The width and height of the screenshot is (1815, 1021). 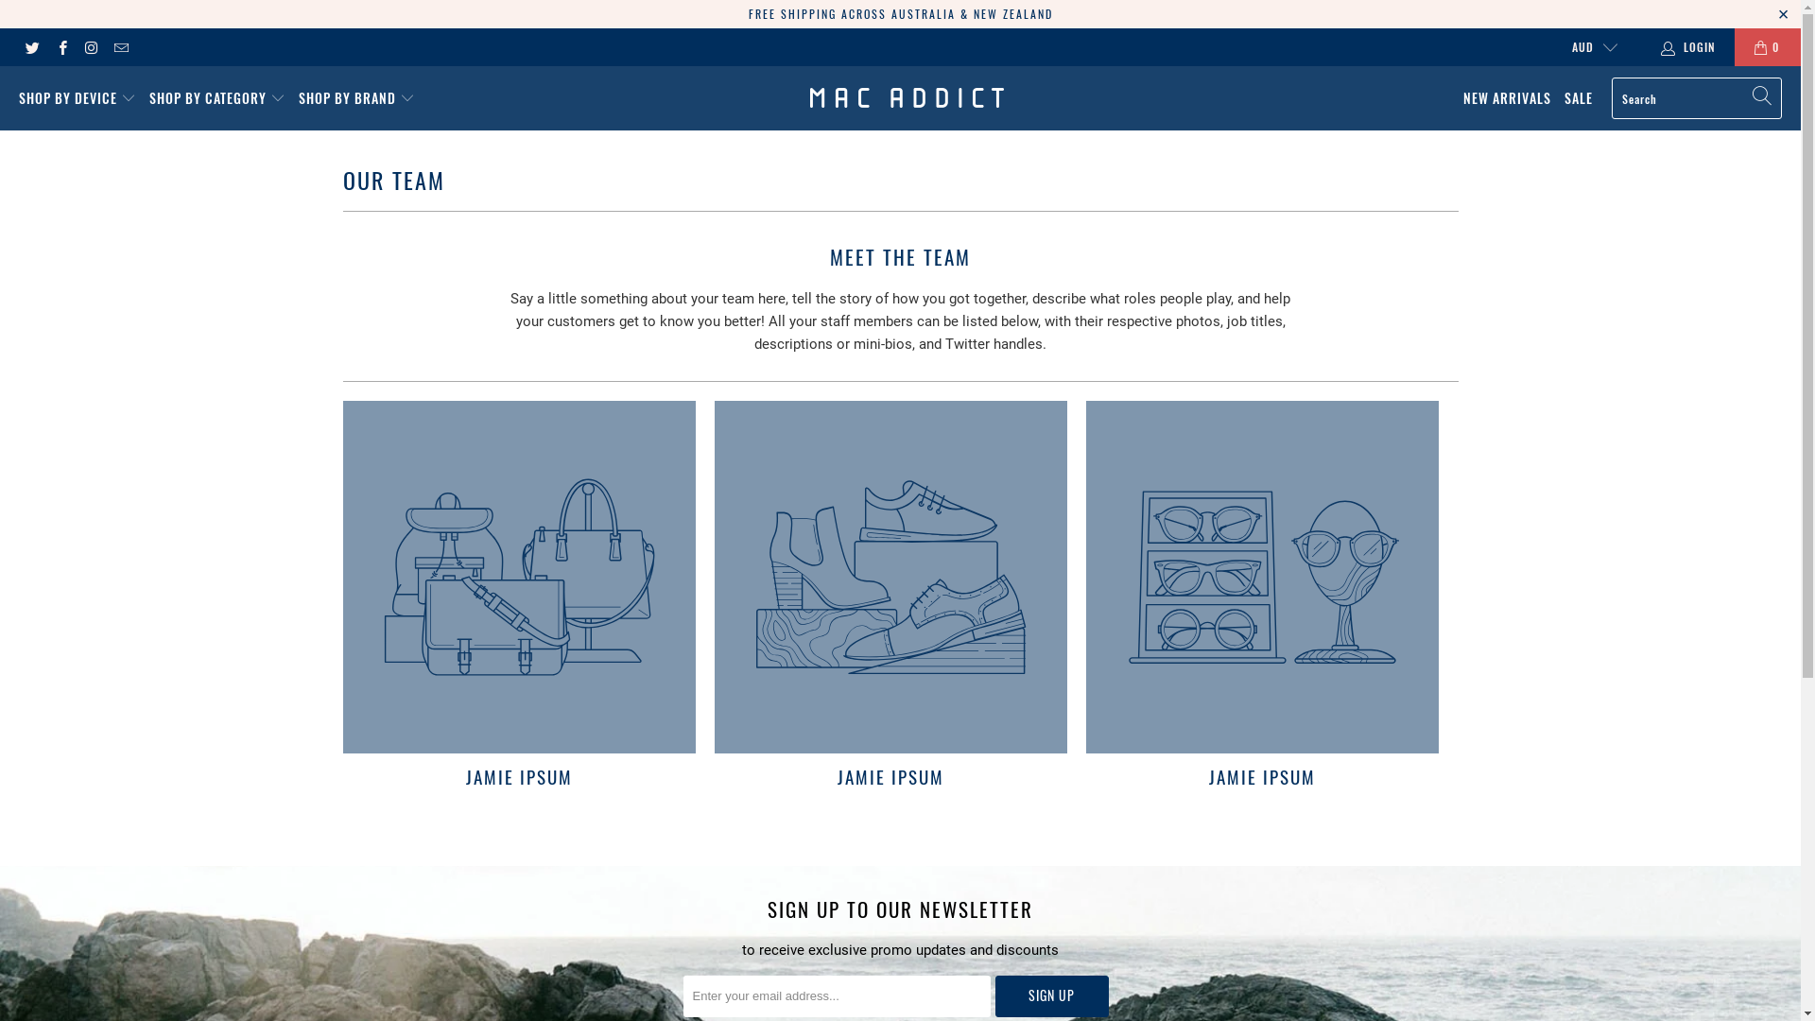 What do you see at coordinates (53, 46) in the screenshot?
I see `'Mac Addict on Facebook'` at bounding box center [53, 46].